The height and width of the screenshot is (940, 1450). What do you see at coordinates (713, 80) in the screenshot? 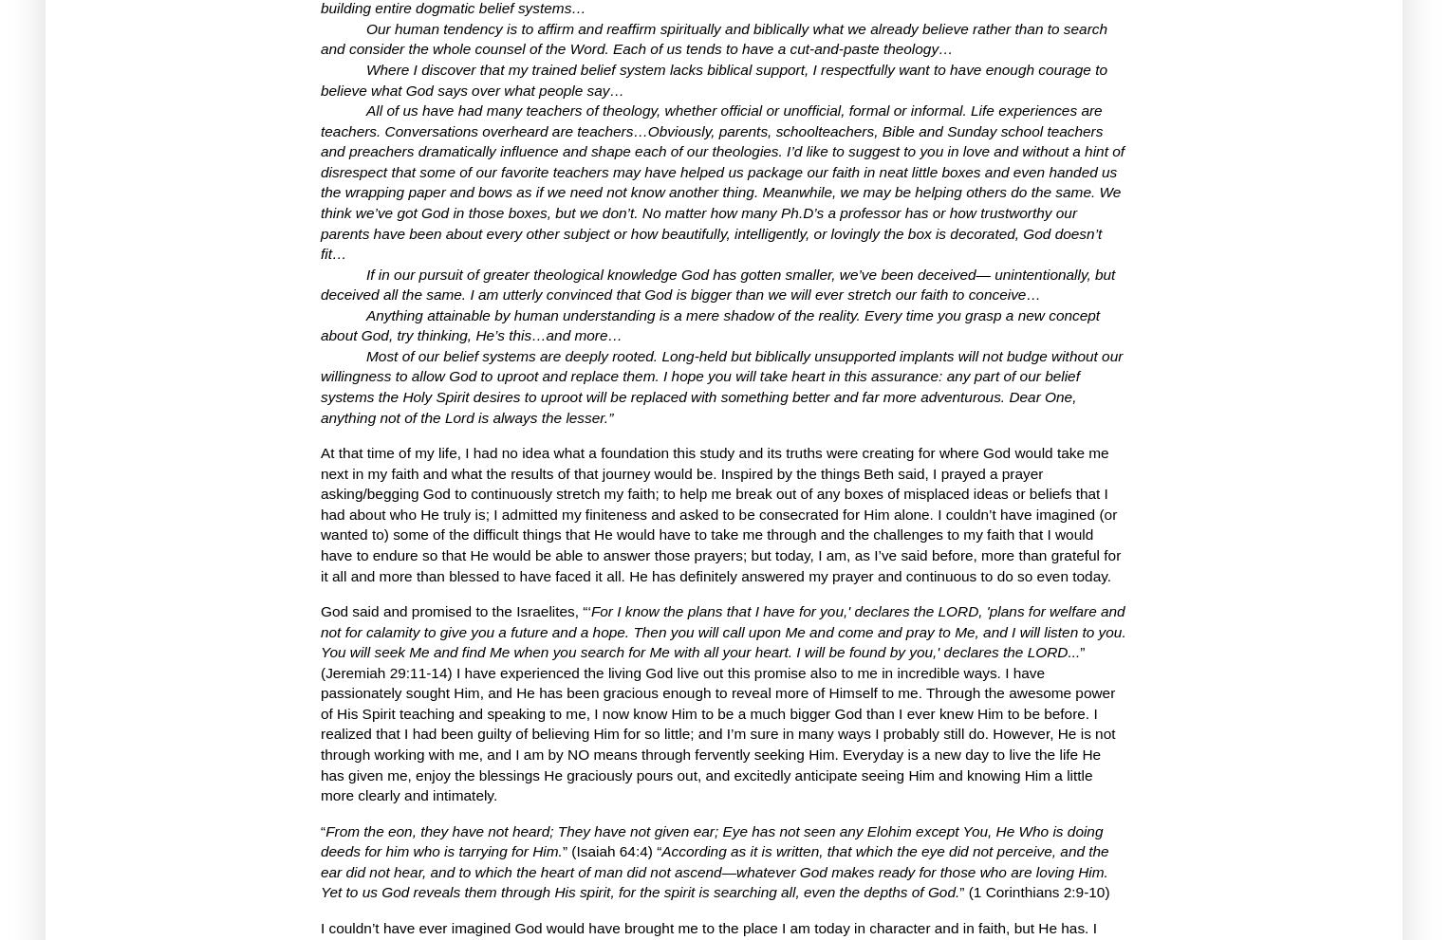
I see `'Where I discover that my trained belief system lacks biblical support, I respectfully want to have enough courage to believe what God says over what people say…'` at bounding box center [713, 80].